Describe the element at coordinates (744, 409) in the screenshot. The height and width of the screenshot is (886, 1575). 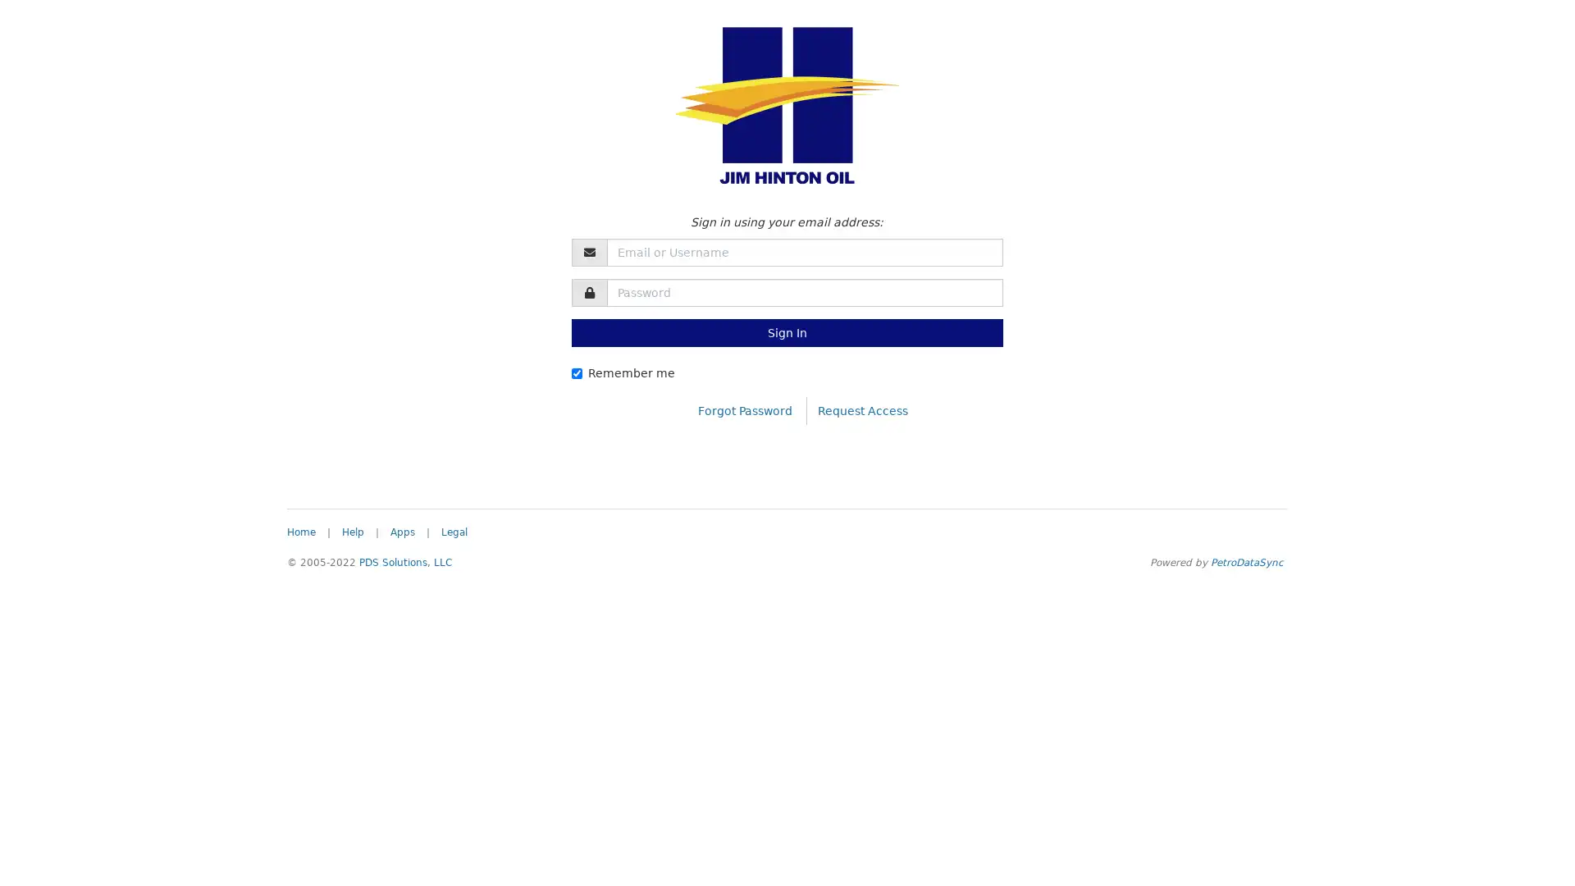
I see `Forgot Password` at that location.